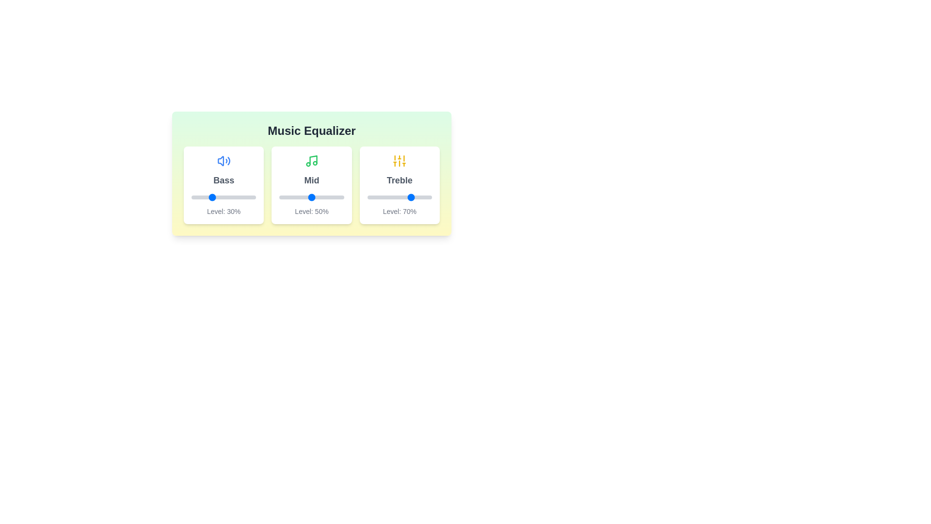 The width and height of the screenshot is (931, 524). I want to click on the bass slider to 24%, so click(207, 197).